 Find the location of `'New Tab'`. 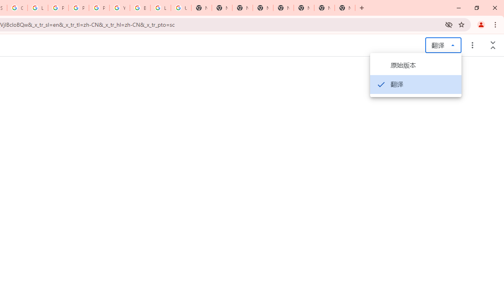

'New Tab' is located at coordinates (345, 8).